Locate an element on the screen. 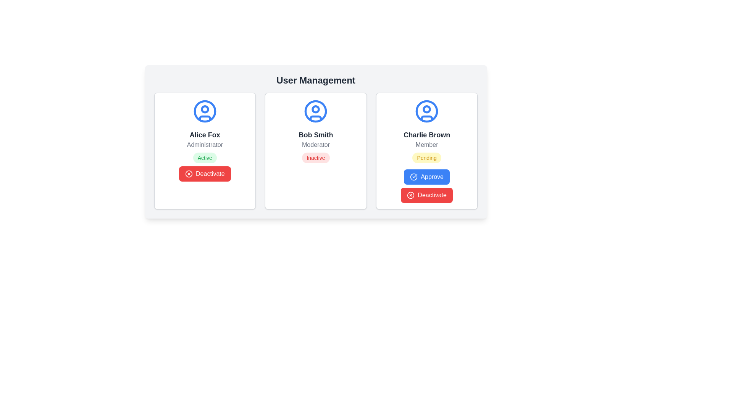  the 'Inactive' status badge with rounded corners, which is located at the bottom of the user card for 'Bob Smith', the Moderator is located at coordinates (316, 157).